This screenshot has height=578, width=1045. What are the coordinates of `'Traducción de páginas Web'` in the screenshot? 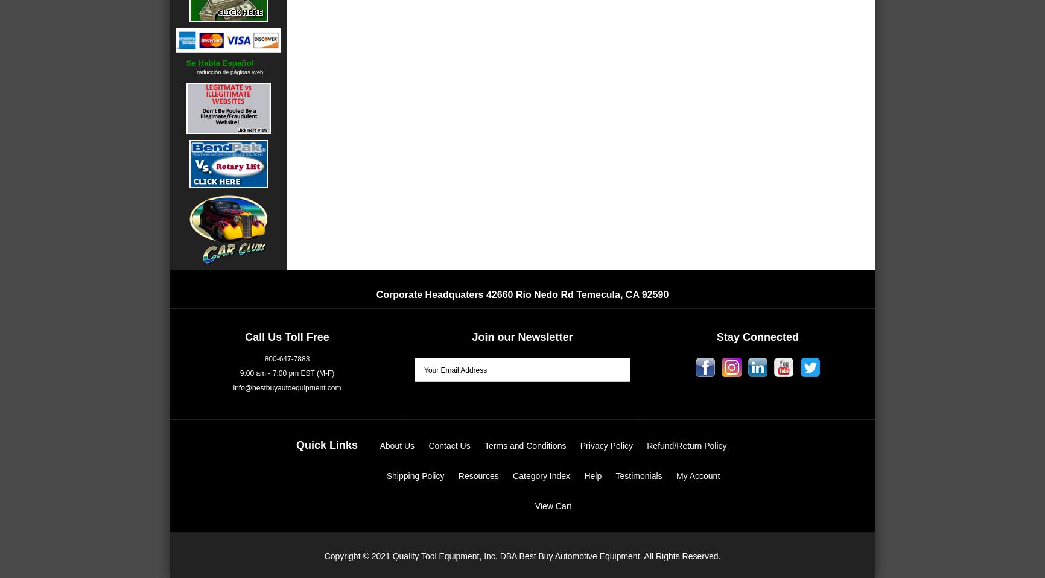 It's located at (227, 72).